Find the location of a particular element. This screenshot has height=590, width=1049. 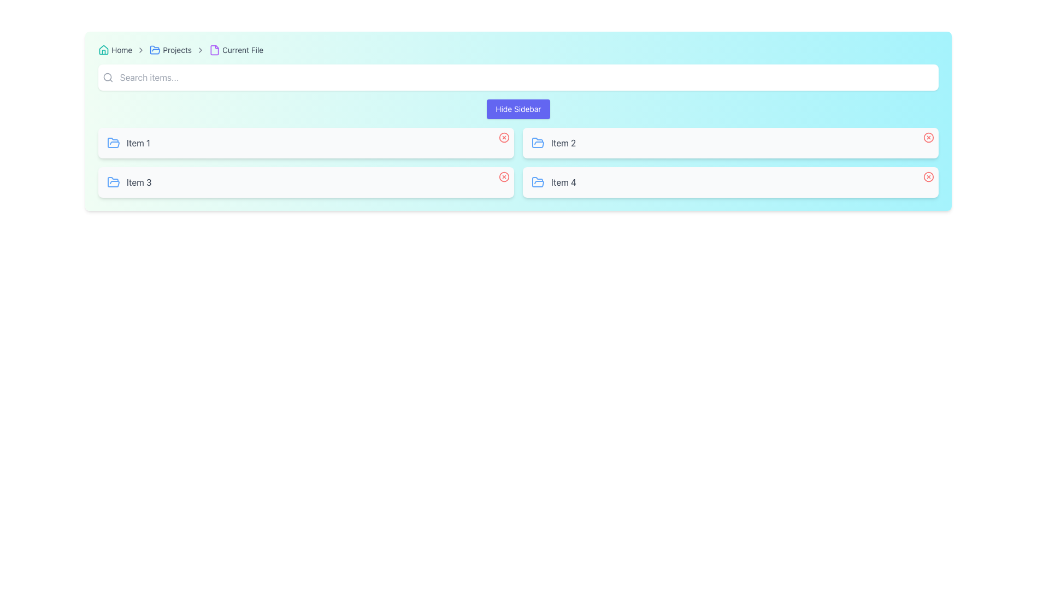

the Chevron icon in the breadcrumb navigation bar that separates the 'Home' and 'Projects' links is located at coordinates (140, 50).